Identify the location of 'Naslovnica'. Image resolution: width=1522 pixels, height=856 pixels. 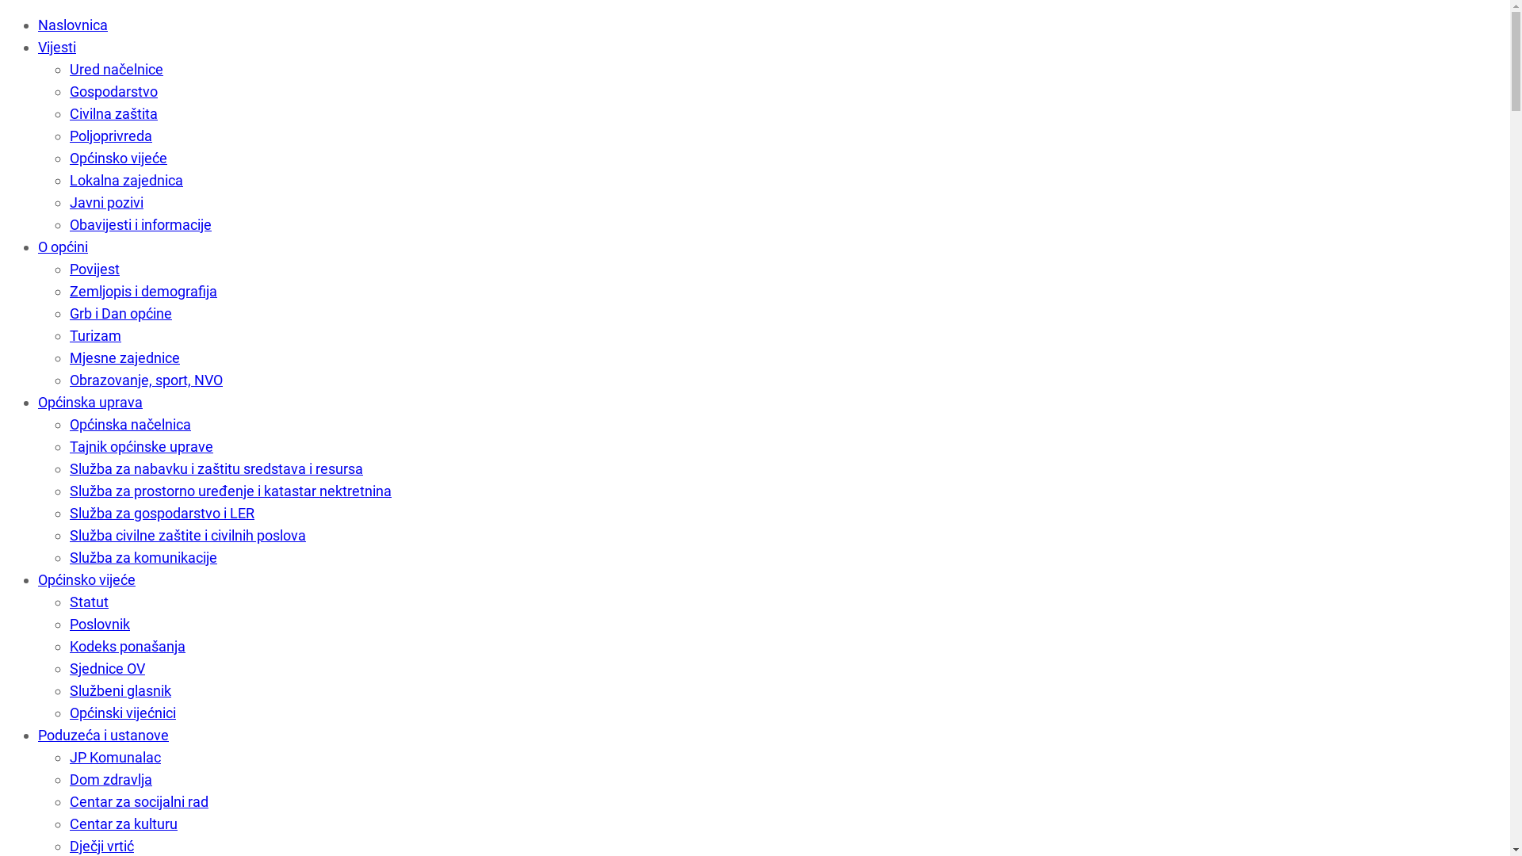
(71, 25).